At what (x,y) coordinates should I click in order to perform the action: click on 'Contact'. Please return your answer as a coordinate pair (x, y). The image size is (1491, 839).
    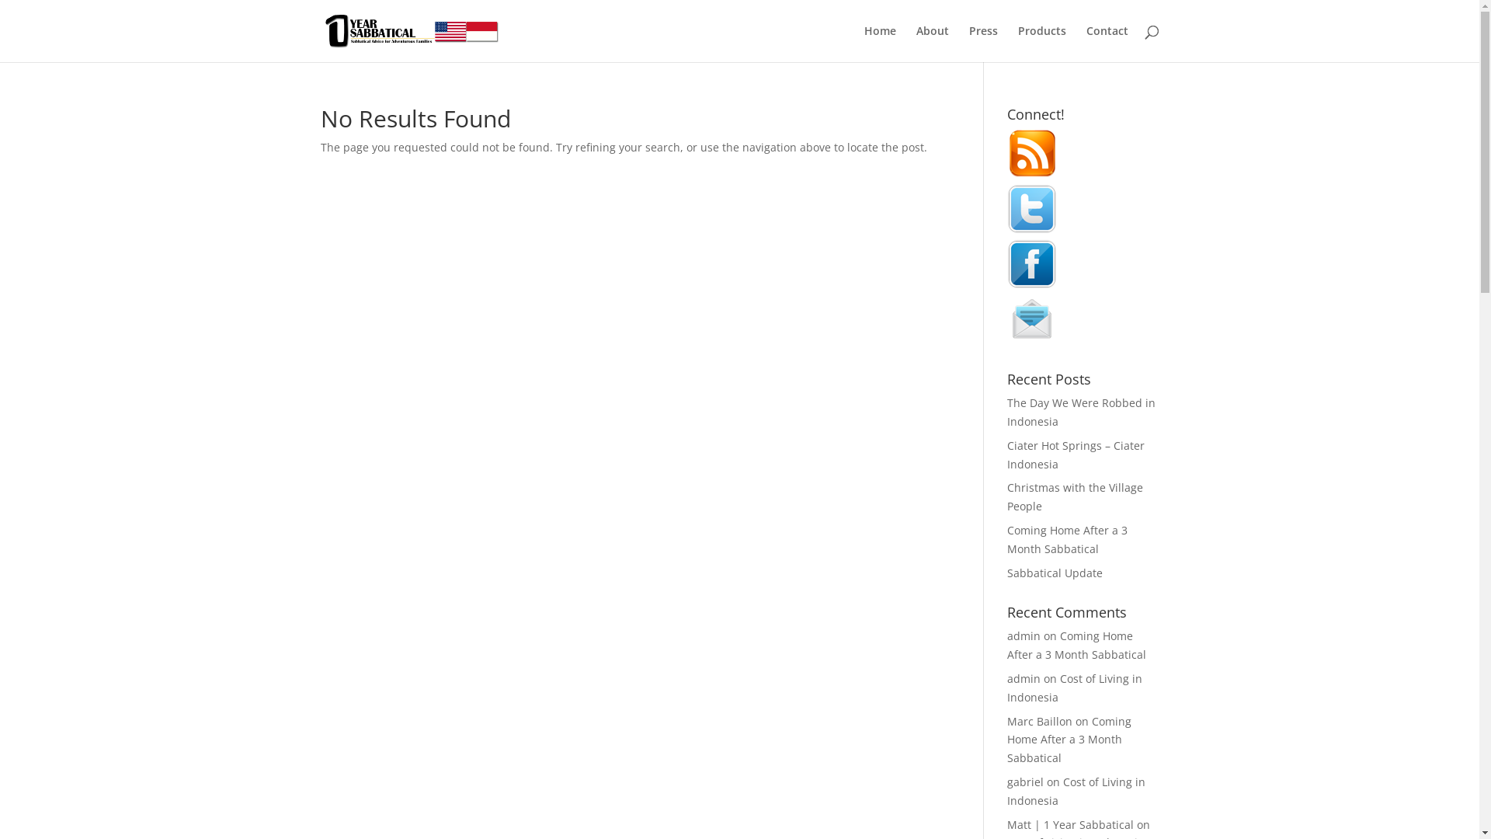
    Looking at the image, I should click on (1106, 43).